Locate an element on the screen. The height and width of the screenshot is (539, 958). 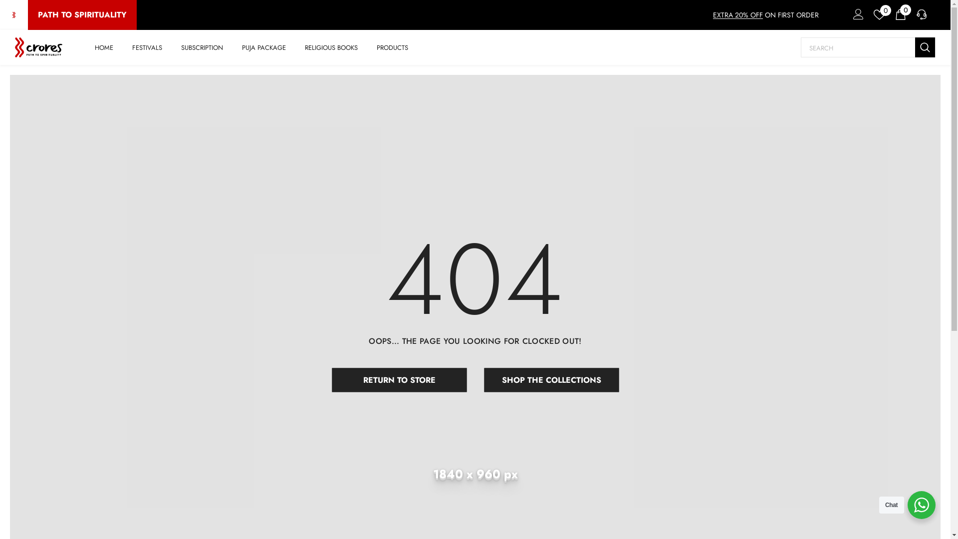
'Logo' is located at coordinates (38, 47).